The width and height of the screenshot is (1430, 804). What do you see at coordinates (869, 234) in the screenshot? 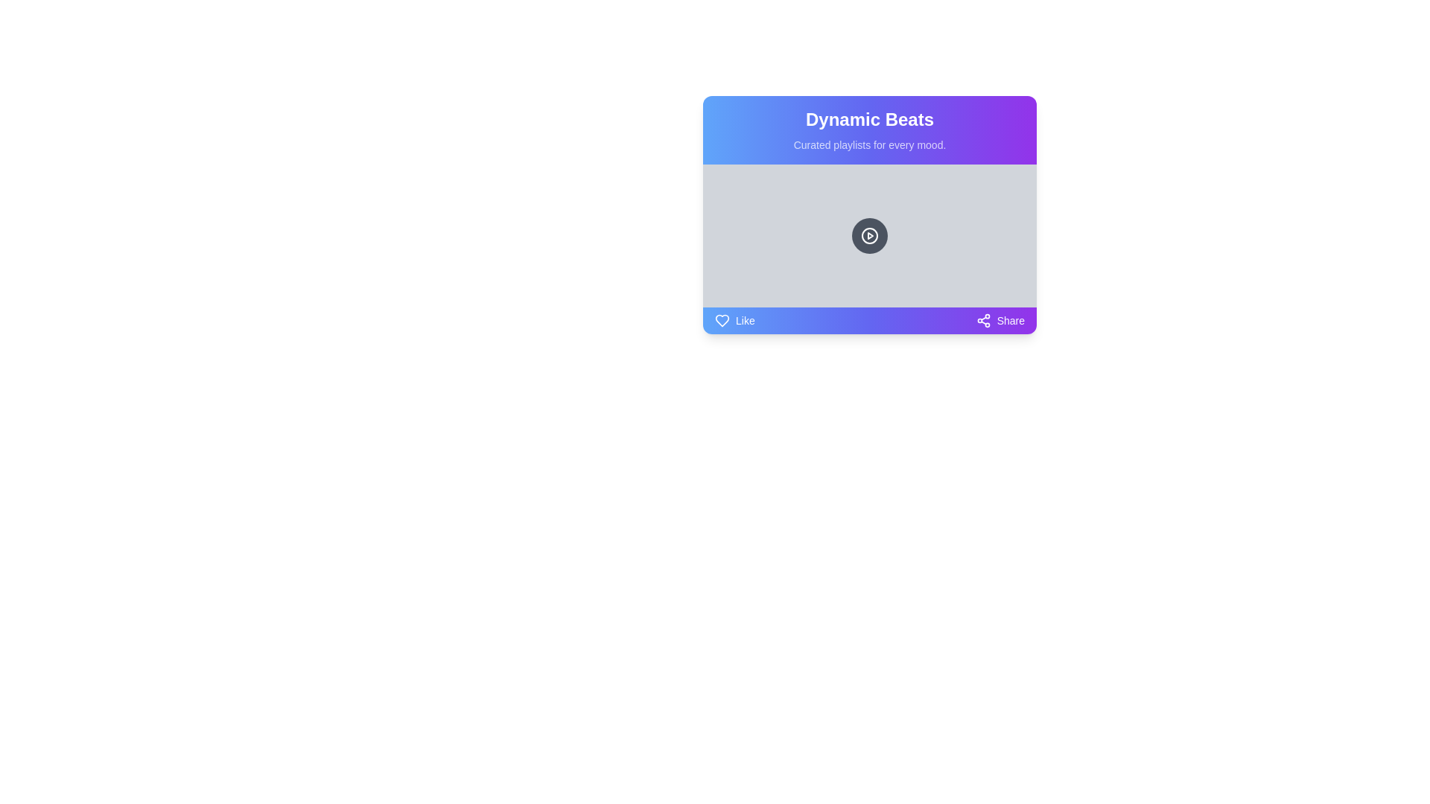
I see `the play button located beneath the 'Dynamic Beats' text` at bounding box center [869, 234].